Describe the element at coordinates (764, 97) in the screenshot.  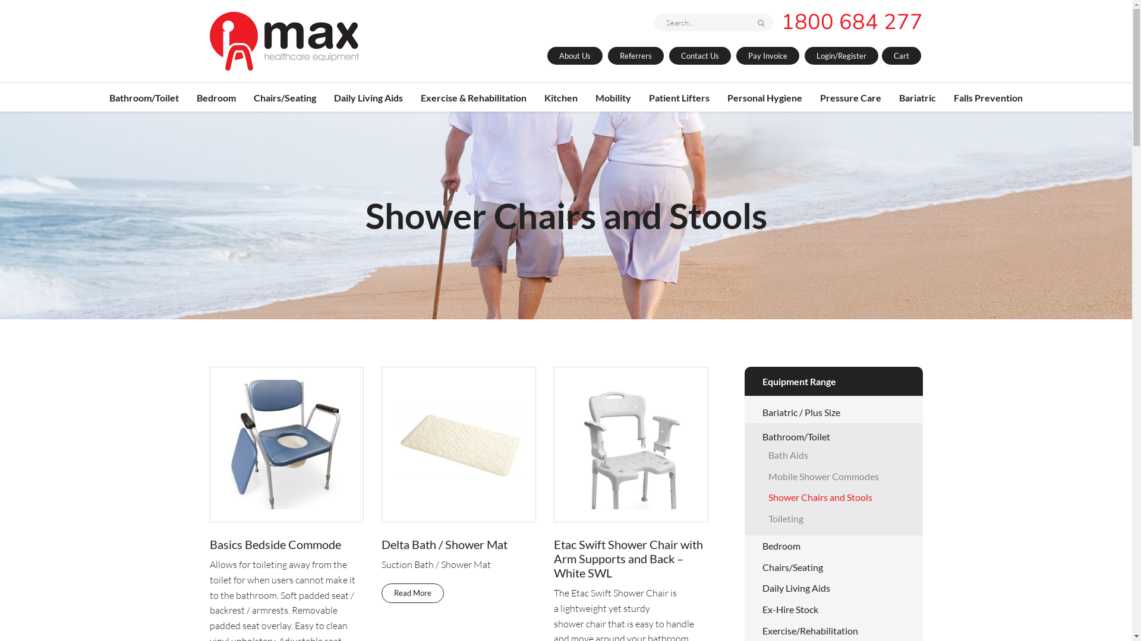
I see `'Personal Hygiene'` at that location.